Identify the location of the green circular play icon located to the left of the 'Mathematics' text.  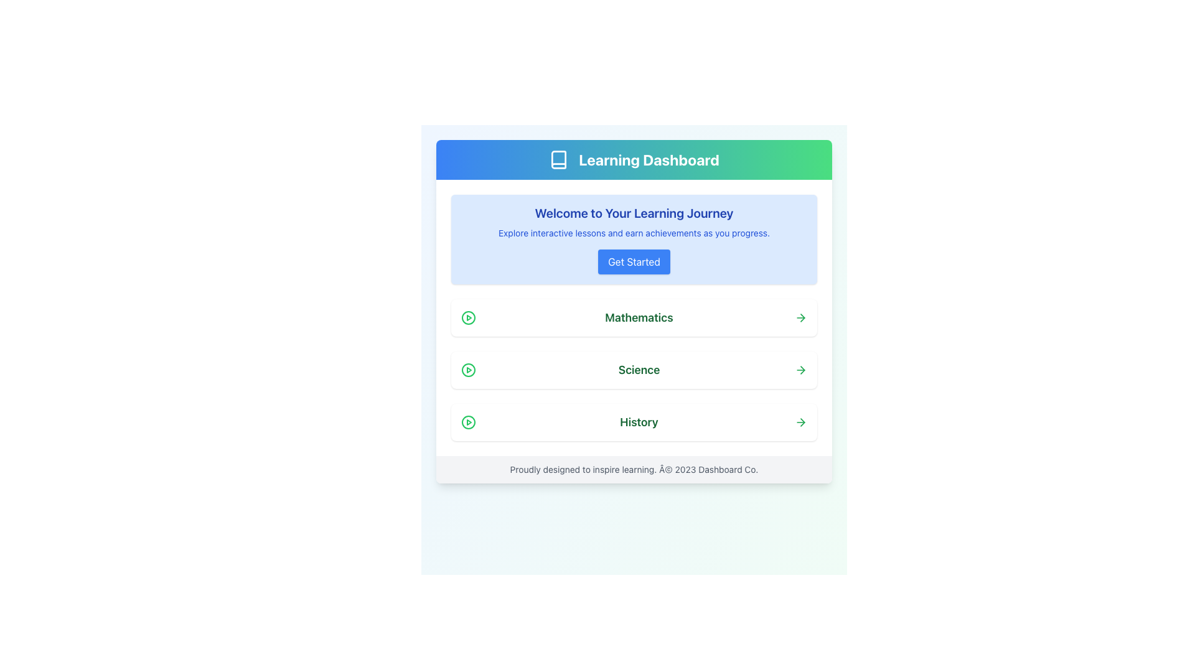
(468, 317).